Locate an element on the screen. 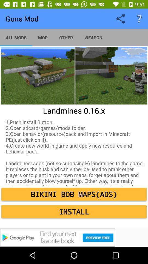  open advertisement is located at coordinates (74, 237).